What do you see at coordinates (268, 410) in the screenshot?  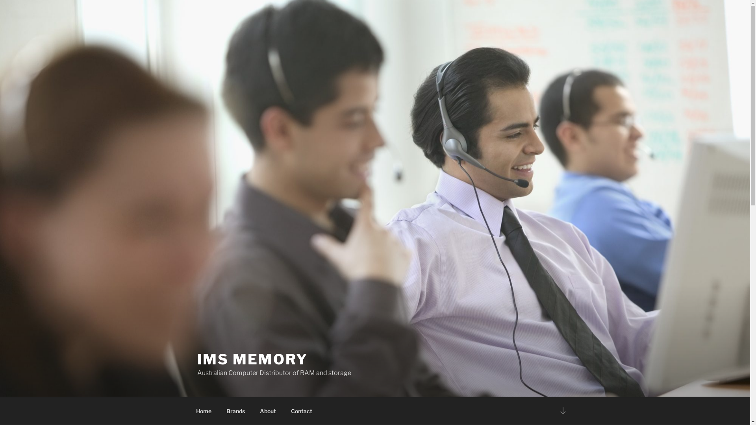 I see `'About'` at bounding box center [268, 410].